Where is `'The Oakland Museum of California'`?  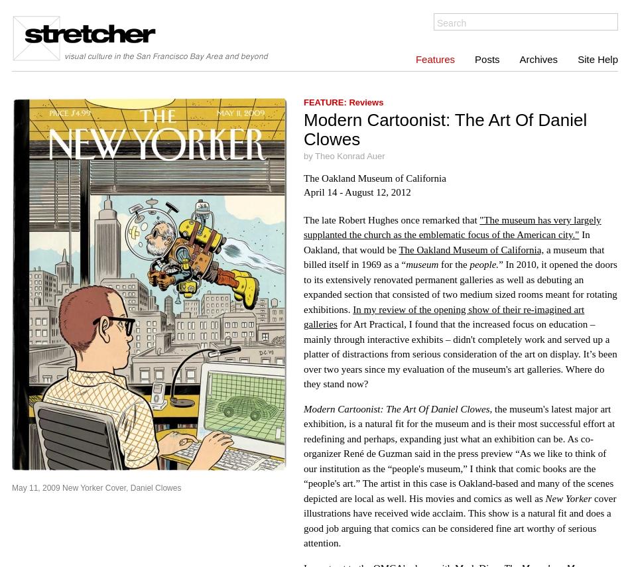
'The Oakland Museum of California' is located at coordinates (302, 178).